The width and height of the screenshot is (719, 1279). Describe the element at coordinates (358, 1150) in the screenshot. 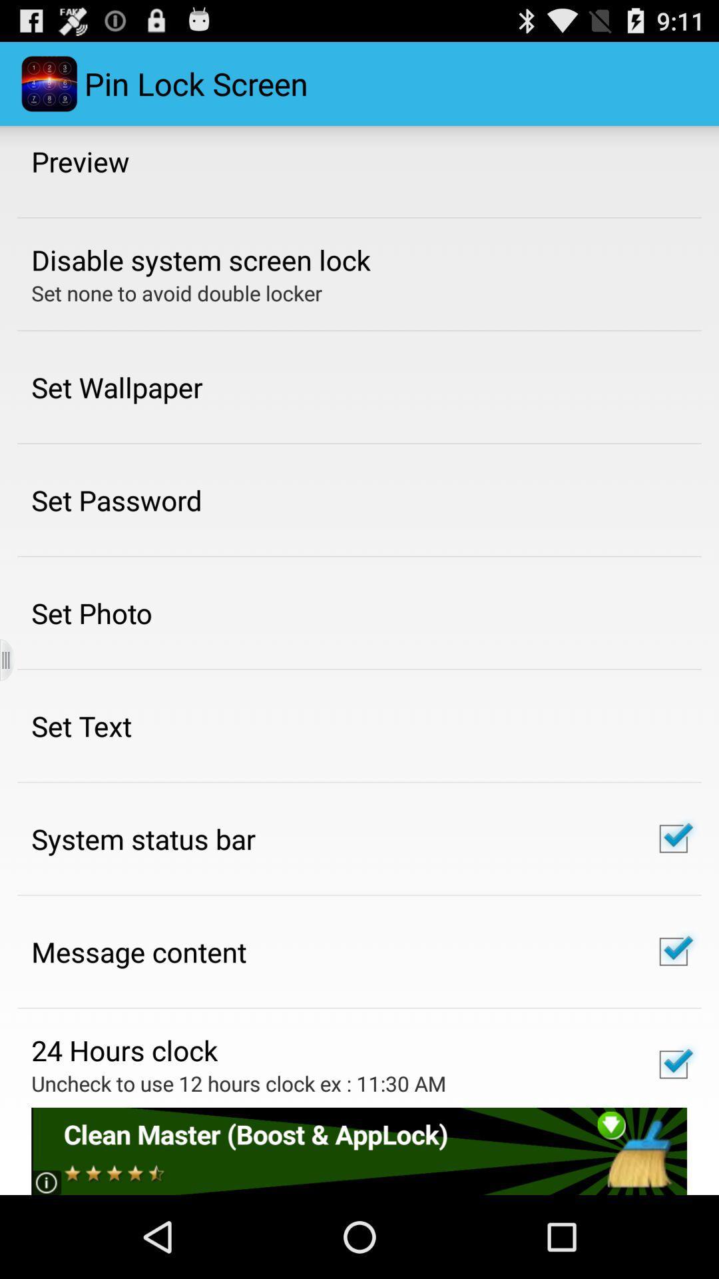

I see `share articlee` at that location.